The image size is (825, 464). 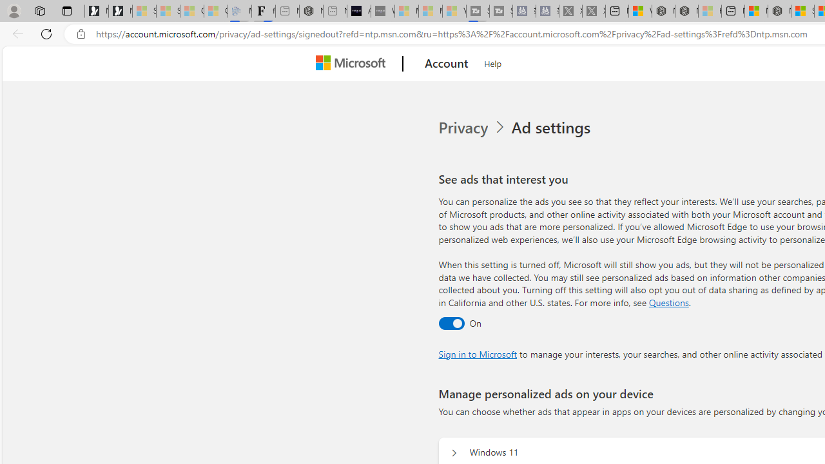 What do you see at coordinates (382, 11) in the screenshot?
I see `'What'` at bounding box center [382, 11].